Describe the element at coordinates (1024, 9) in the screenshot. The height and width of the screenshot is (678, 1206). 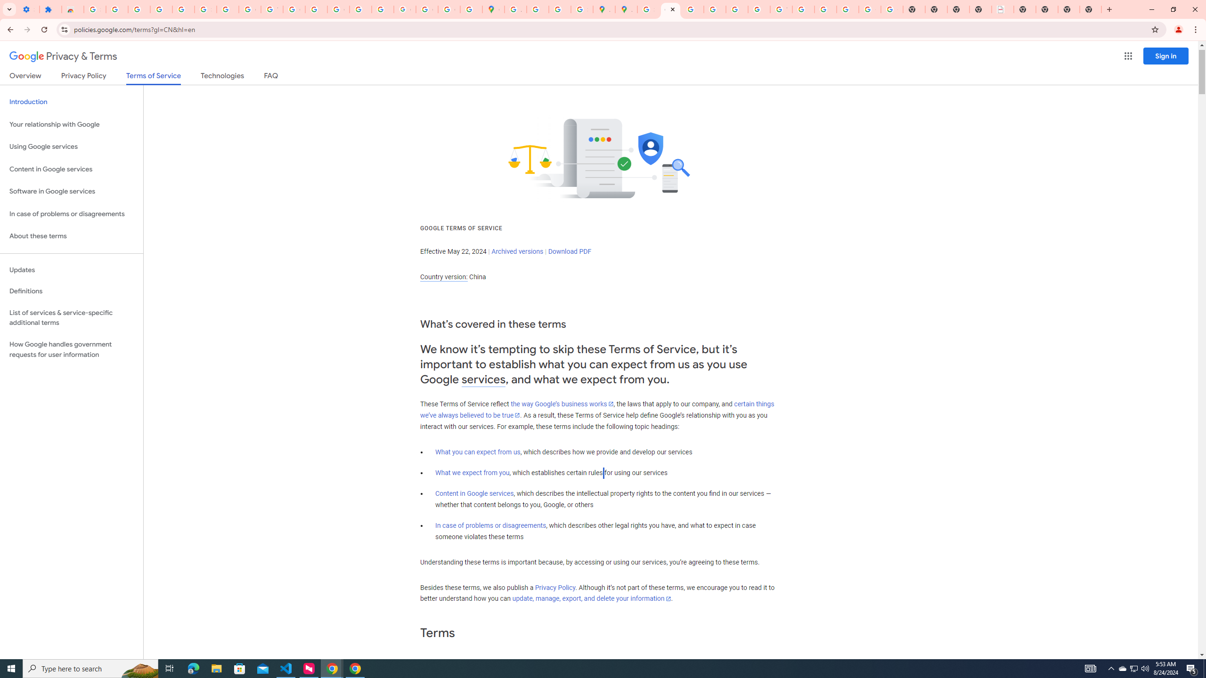
I see `'New Tab'` at that location.